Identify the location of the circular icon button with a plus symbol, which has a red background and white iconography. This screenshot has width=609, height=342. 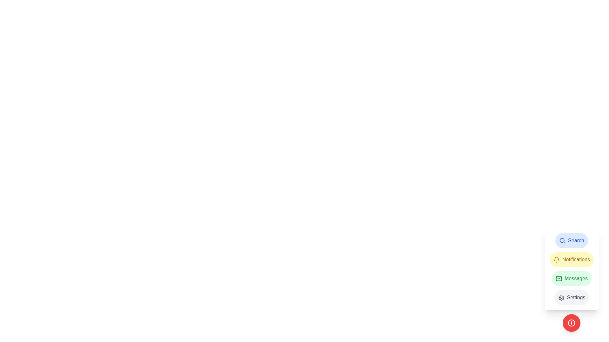
(572, 323).